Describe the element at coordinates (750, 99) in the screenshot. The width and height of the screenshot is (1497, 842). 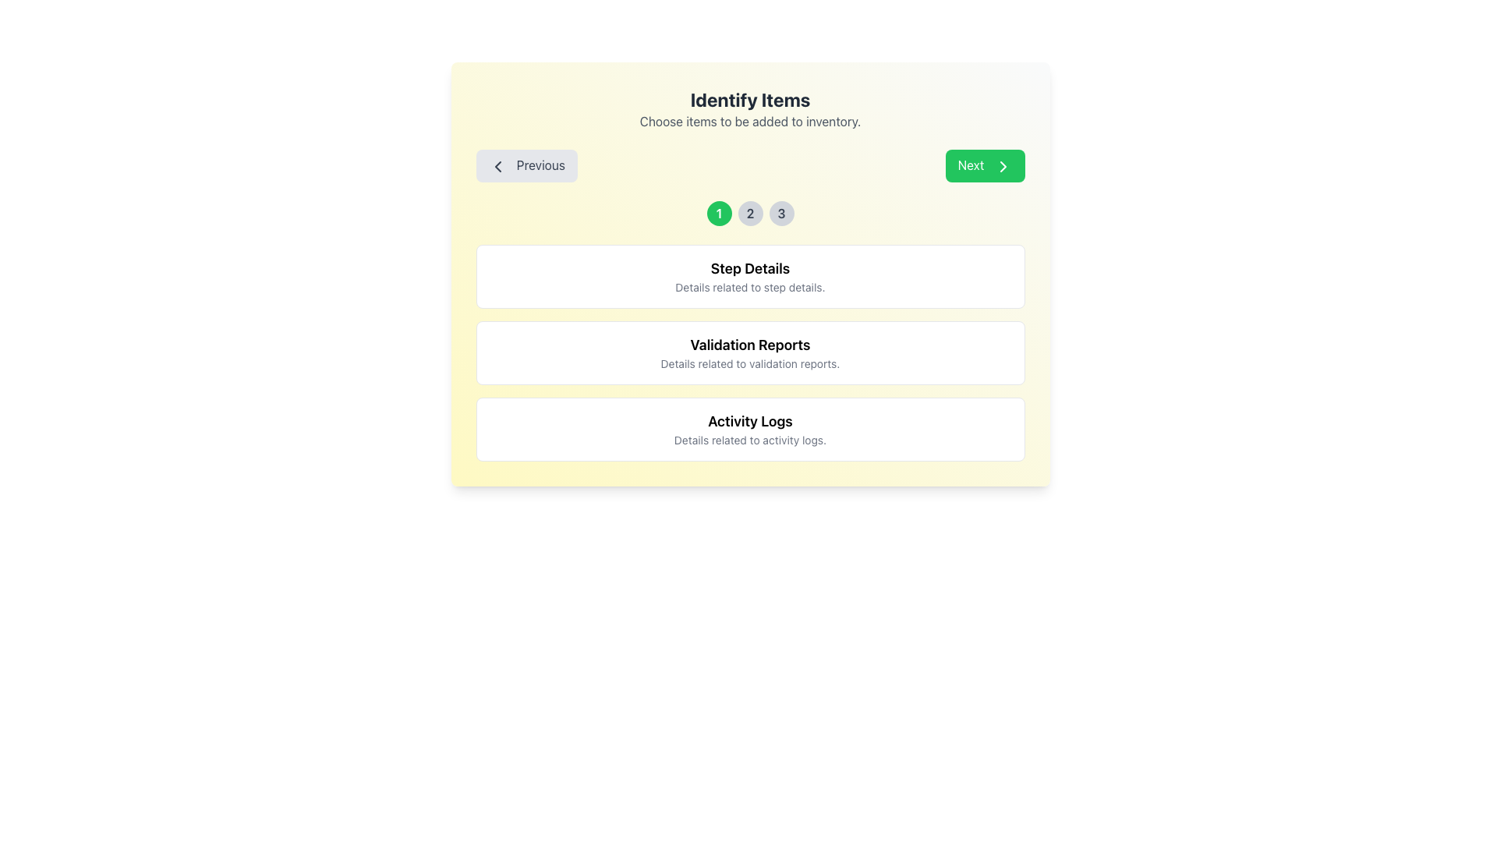
I see `the bold textual header displaying 'Identify Items', which is prominently positioned at the top of the interface and serves as a section title` at that location.